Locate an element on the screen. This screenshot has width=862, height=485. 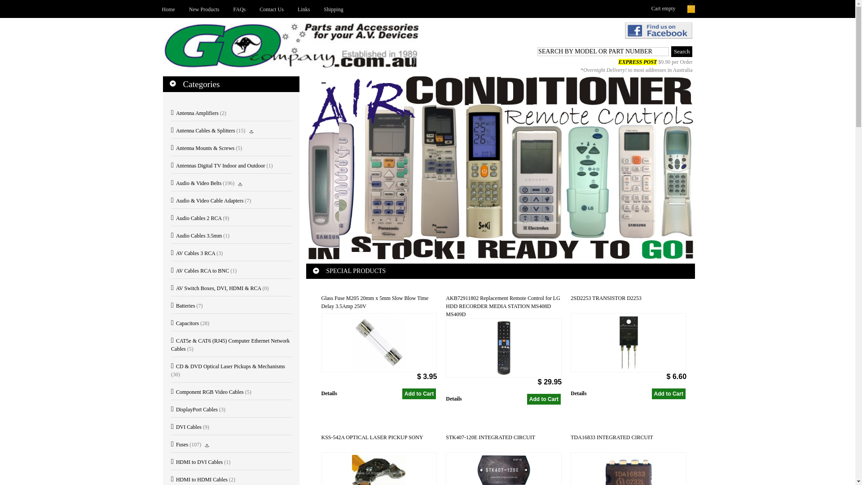
'FAQs' is located at coordinates (230, 9).